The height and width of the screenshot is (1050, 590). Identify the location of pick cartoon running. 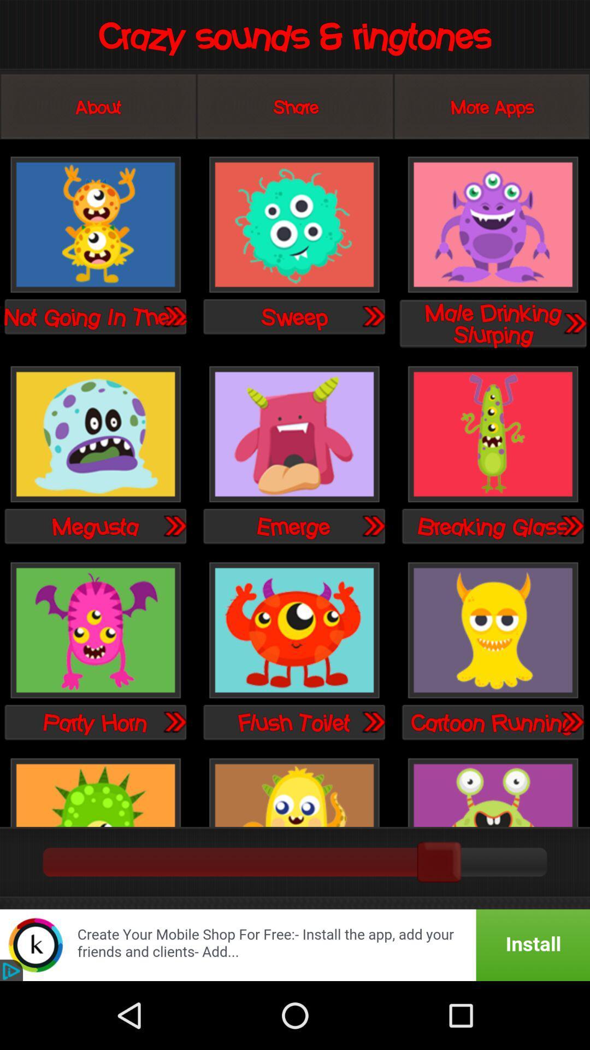
(493, 631).